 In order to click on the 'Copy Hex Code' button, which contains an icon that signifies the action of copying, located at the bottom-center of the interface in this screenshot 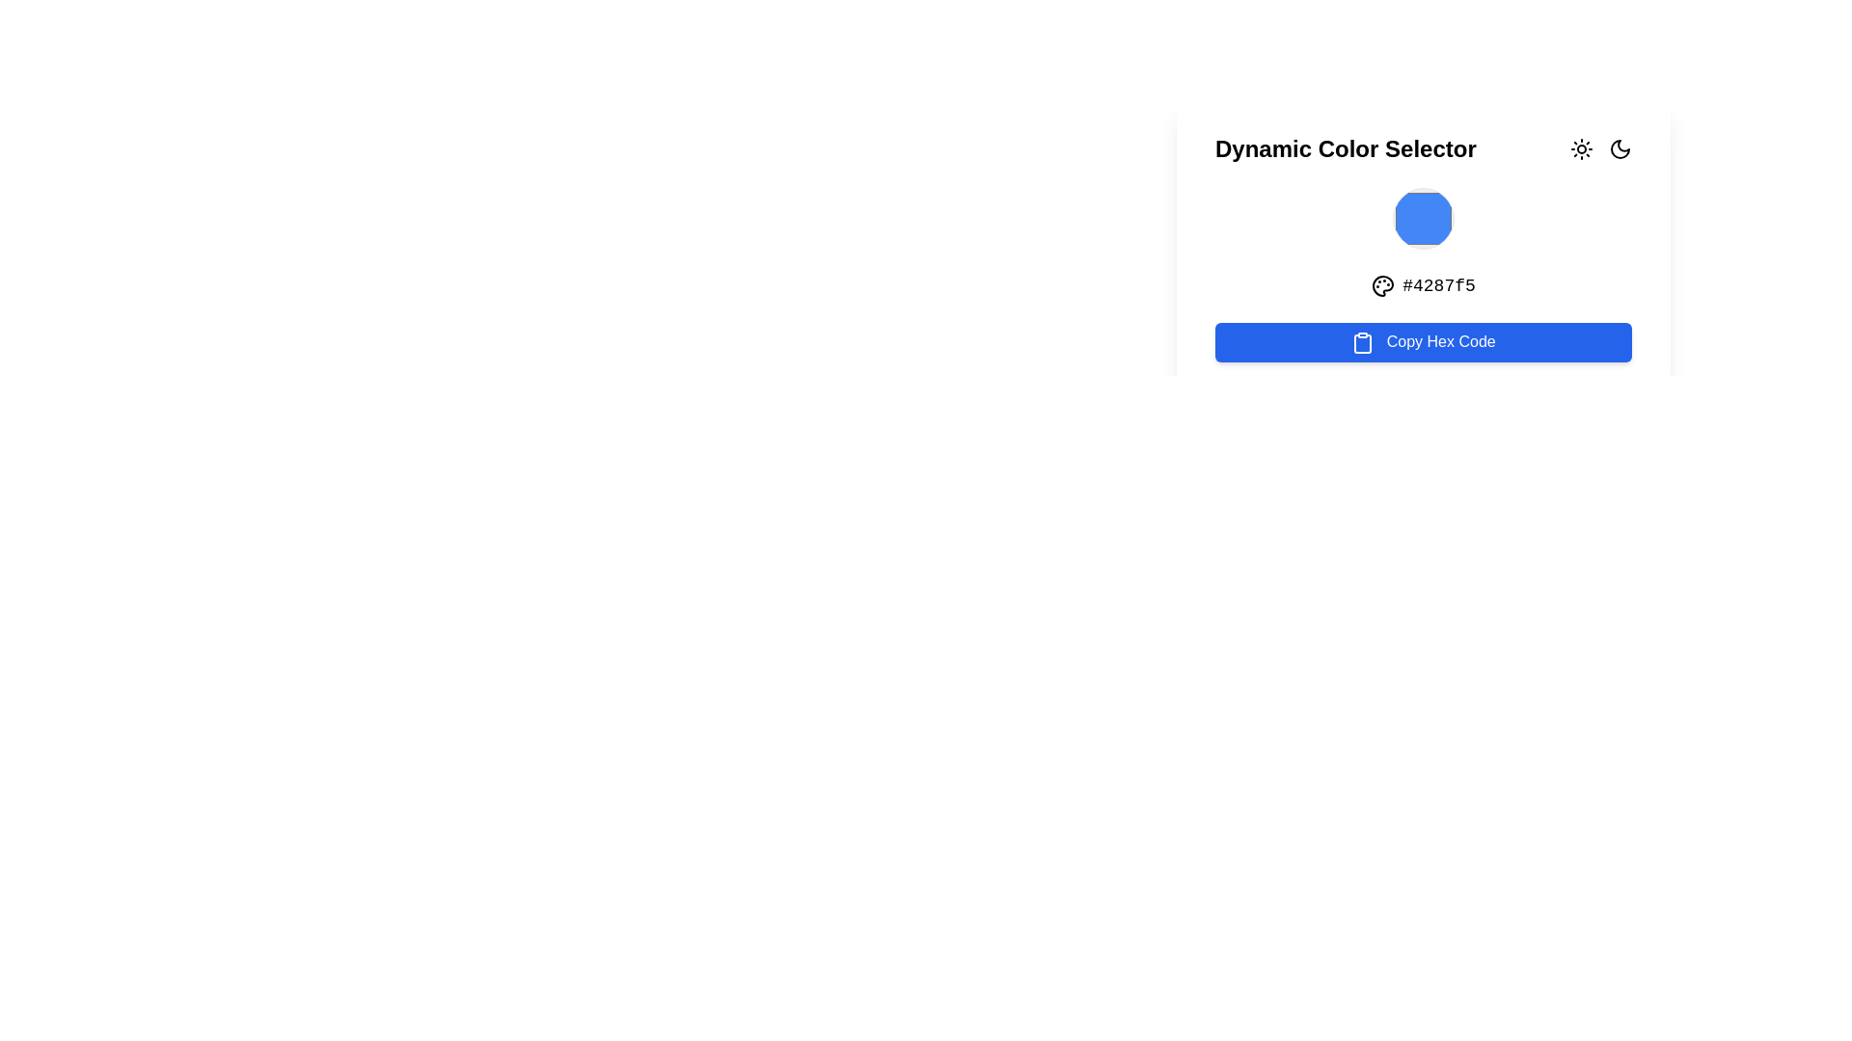, I will do `click(1362, 341)`.